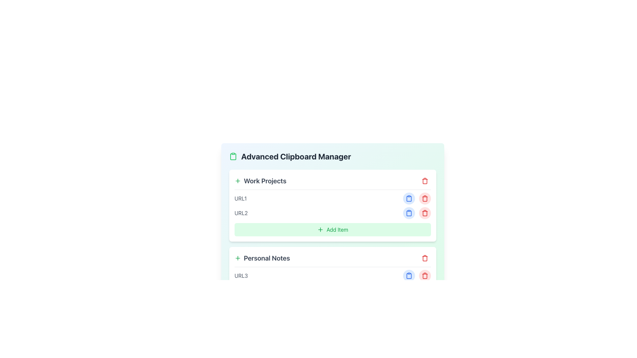  Describe the element at coordinates (233, 157) in the screenshot. I see `the green clipboard icon located in the header section of the 'Advanced Clipboard Manager' interface, which is situated to the left of the title text` at that location.